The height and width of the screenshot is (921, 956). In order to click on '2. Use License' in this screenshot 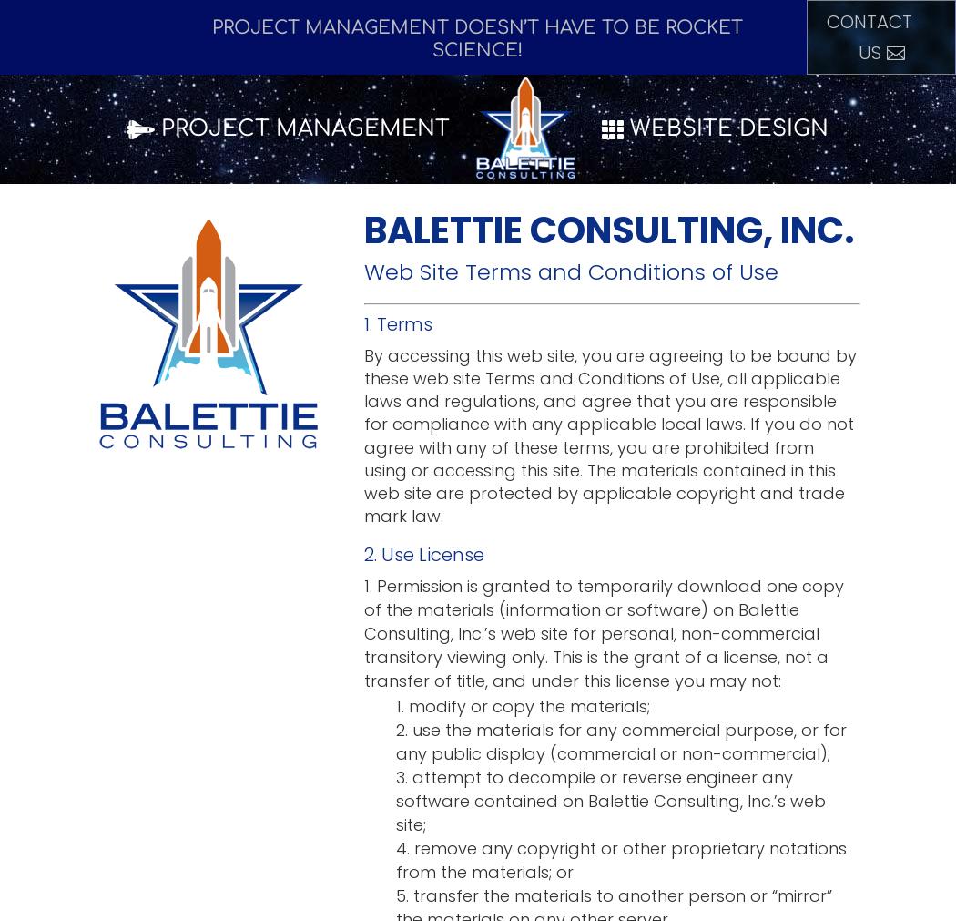, I will do `click(364, 555)`.